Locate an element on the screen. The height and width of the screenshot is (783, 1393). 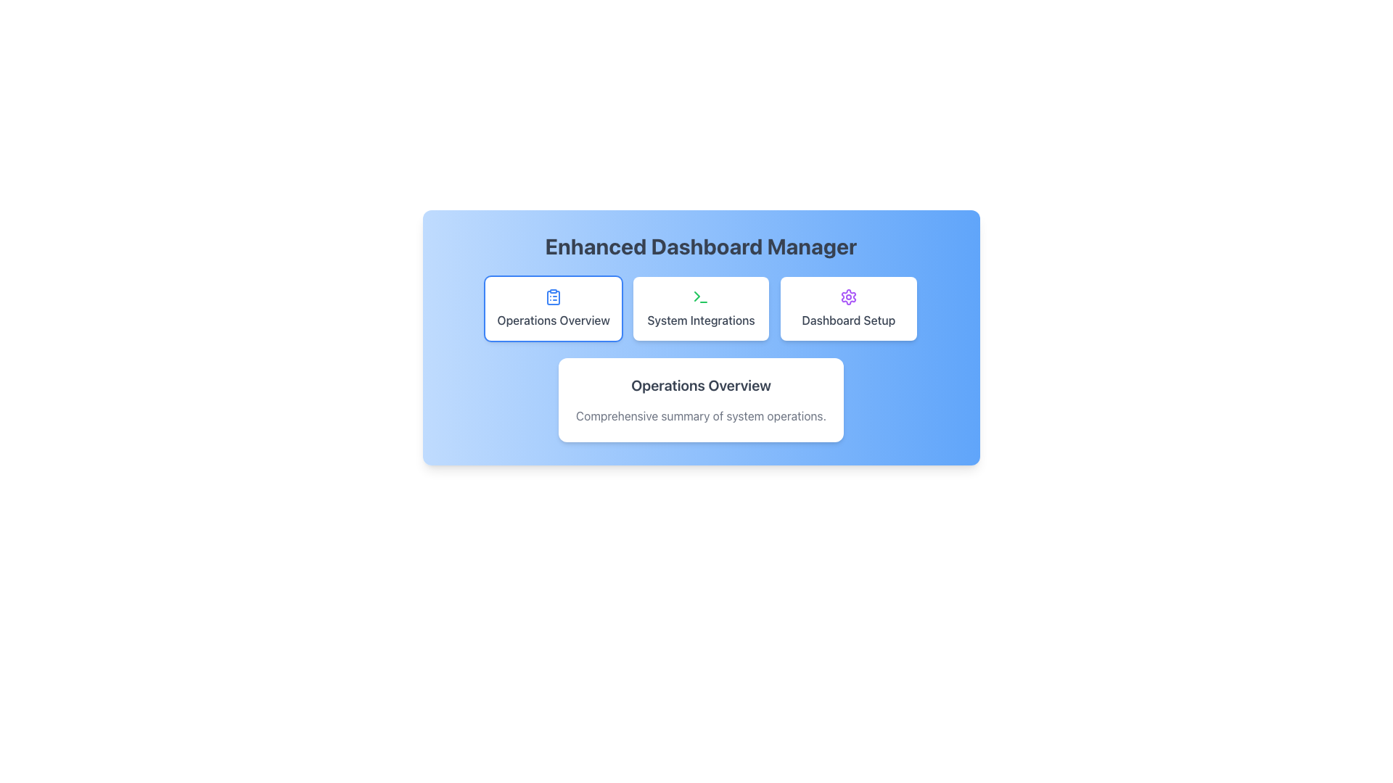
the 'Dashboard Setup' text label element, which is displayed in a medium-weight gray font below a purple gear icon on the button card is located at coordinates (848, 320).